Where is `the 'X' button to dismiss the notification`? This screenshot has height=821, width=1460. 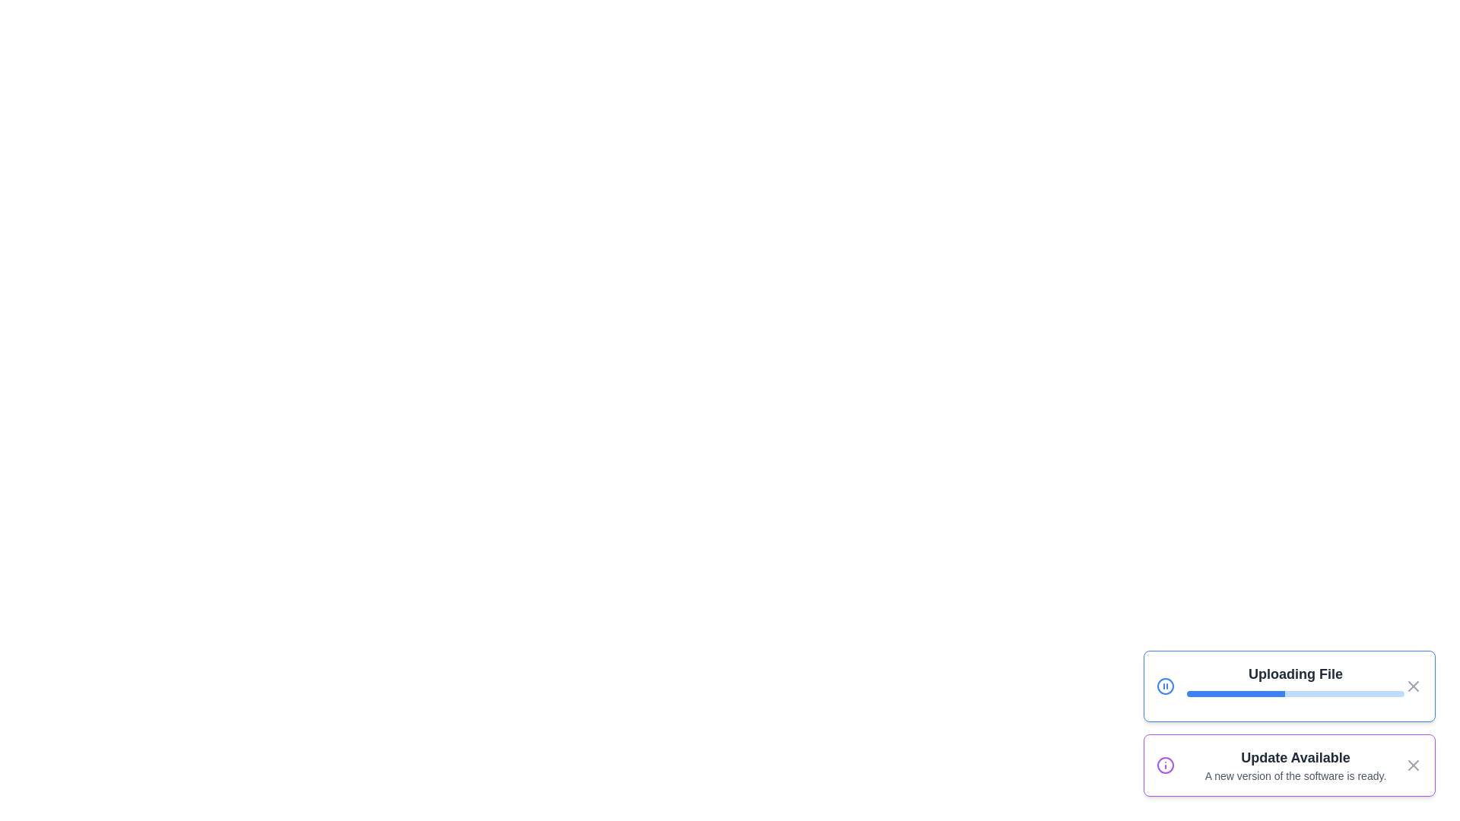
the 'X' button to dismiss the notification is located at coordinates (1412, 686).